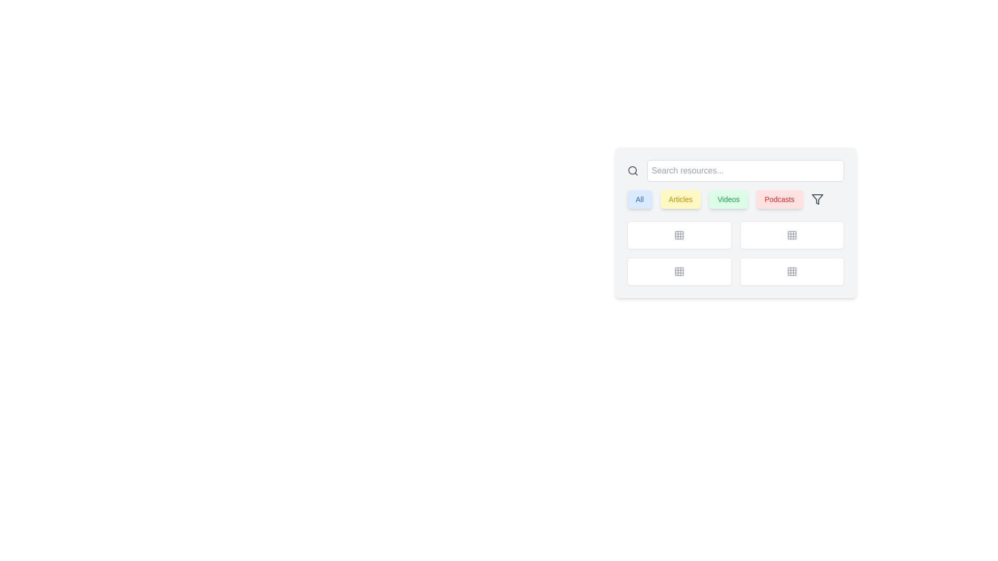  Describe the element at coordinates (817, 199) in the screenshot. I see `the Icon button located in the top-right corner of the control panel` at that location.